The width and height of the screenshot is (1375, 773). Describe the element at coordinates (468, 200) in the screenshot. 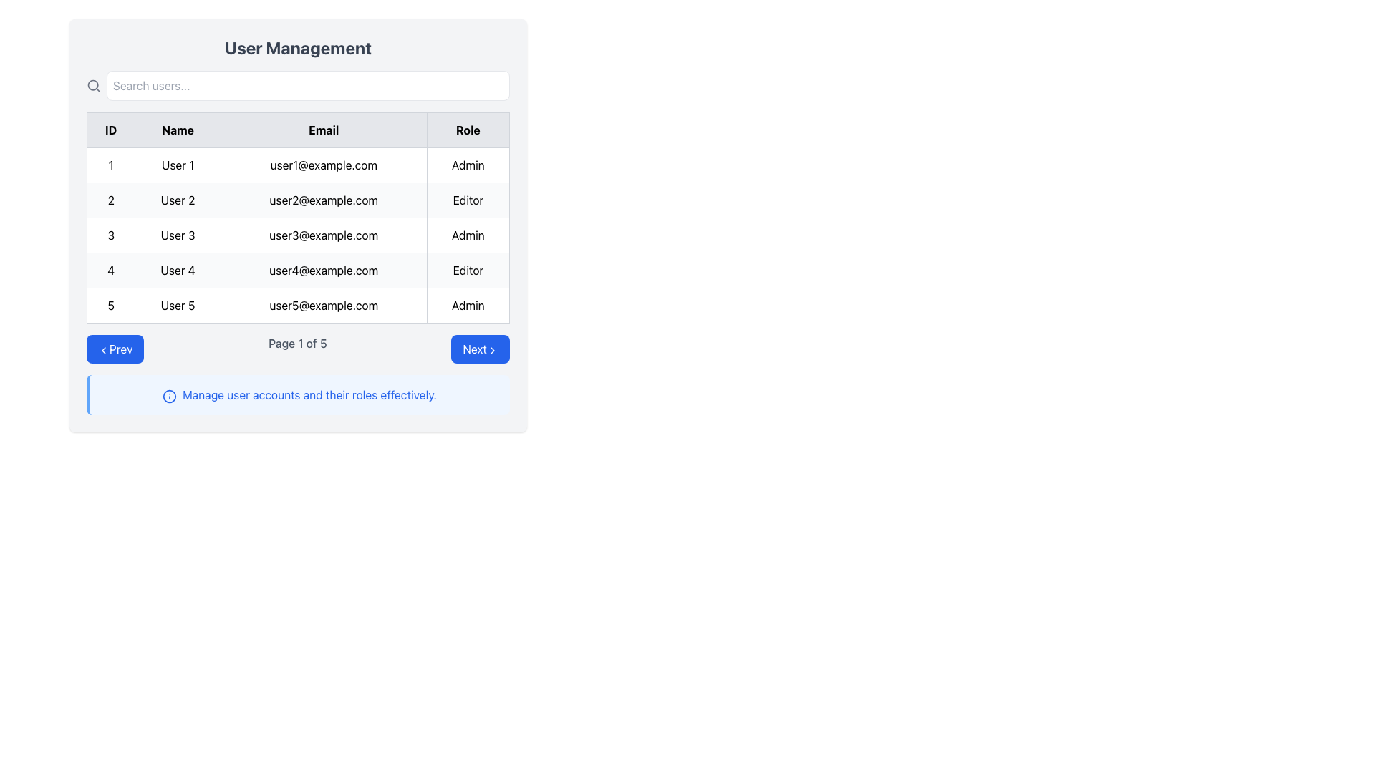

I see `text displayed in the Static Text Label element that shows 'Editor', which is positioned in the 'Role' column for 'User 2' under 'user2@example.com'` at that location.